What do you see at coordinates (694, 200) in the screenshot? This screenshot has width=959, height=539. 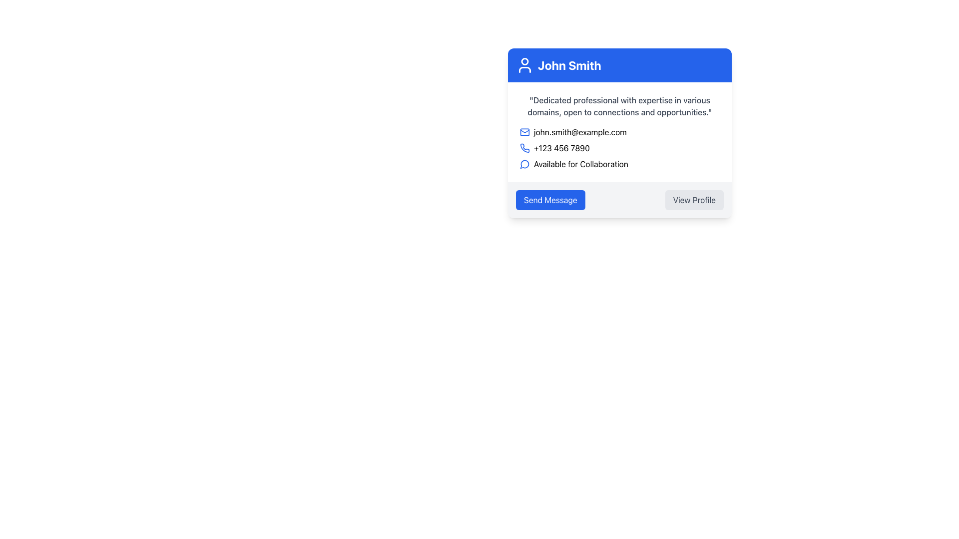 I see `the 'View Profile' button, which has a light gray background and rounded corners` at bounding box center [694, 200].